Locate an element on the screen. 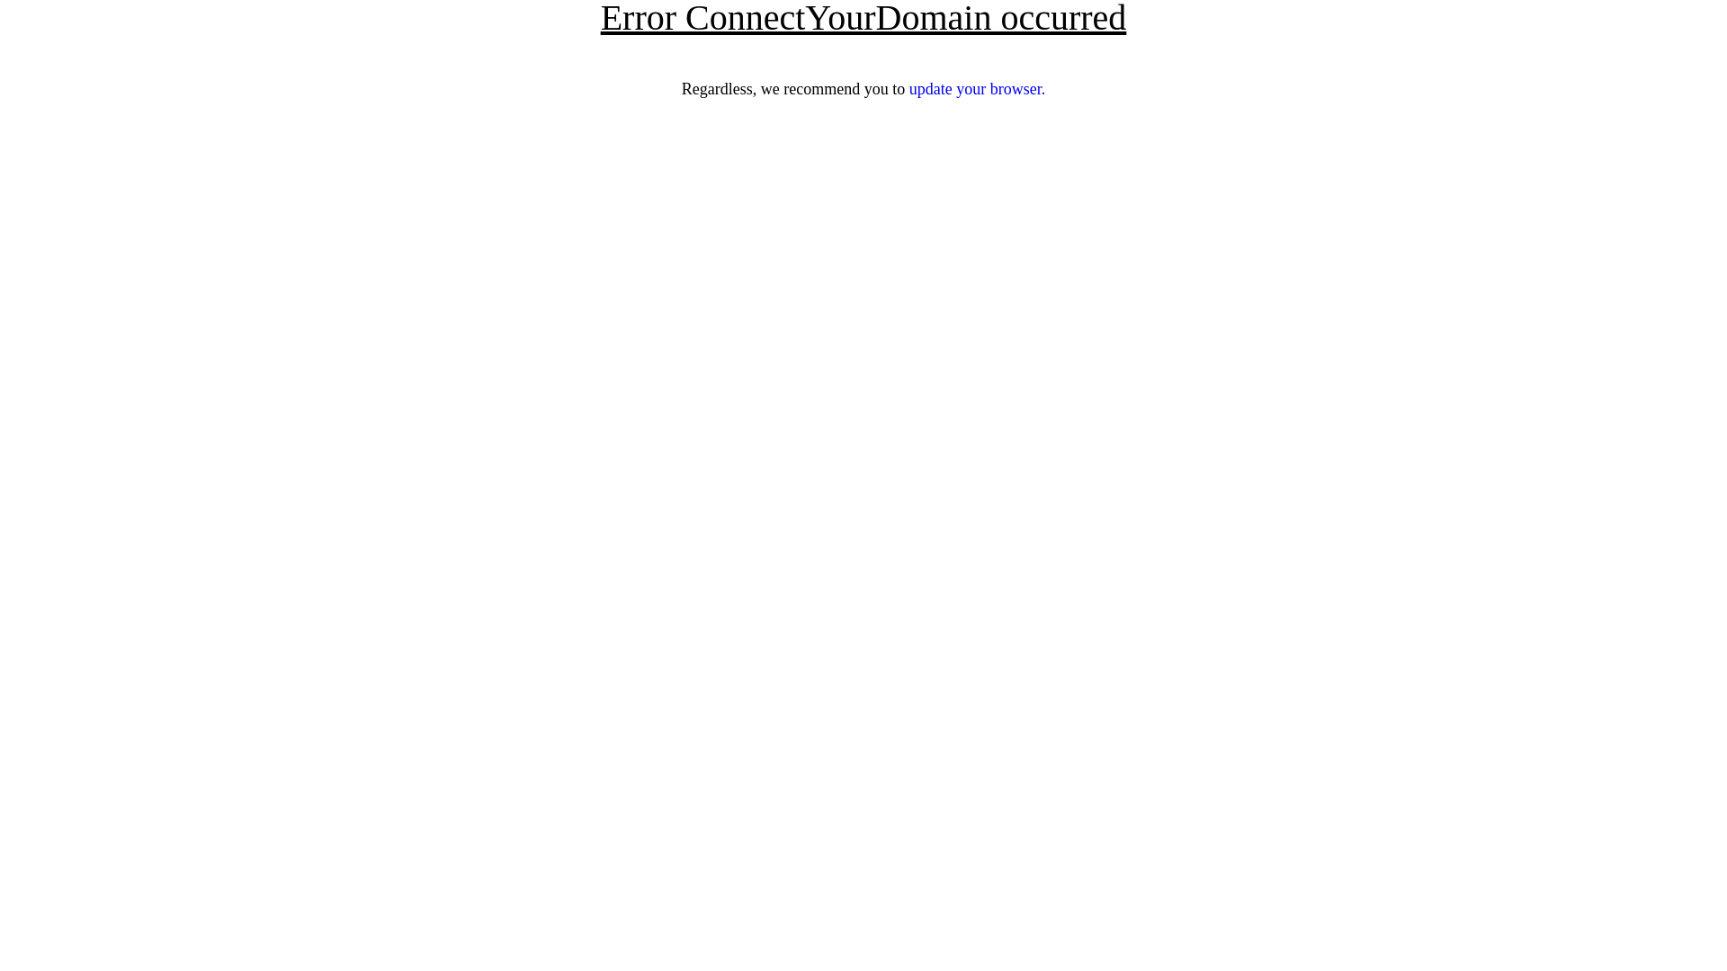  'update your browser.' is located at coordinates (976, 89).